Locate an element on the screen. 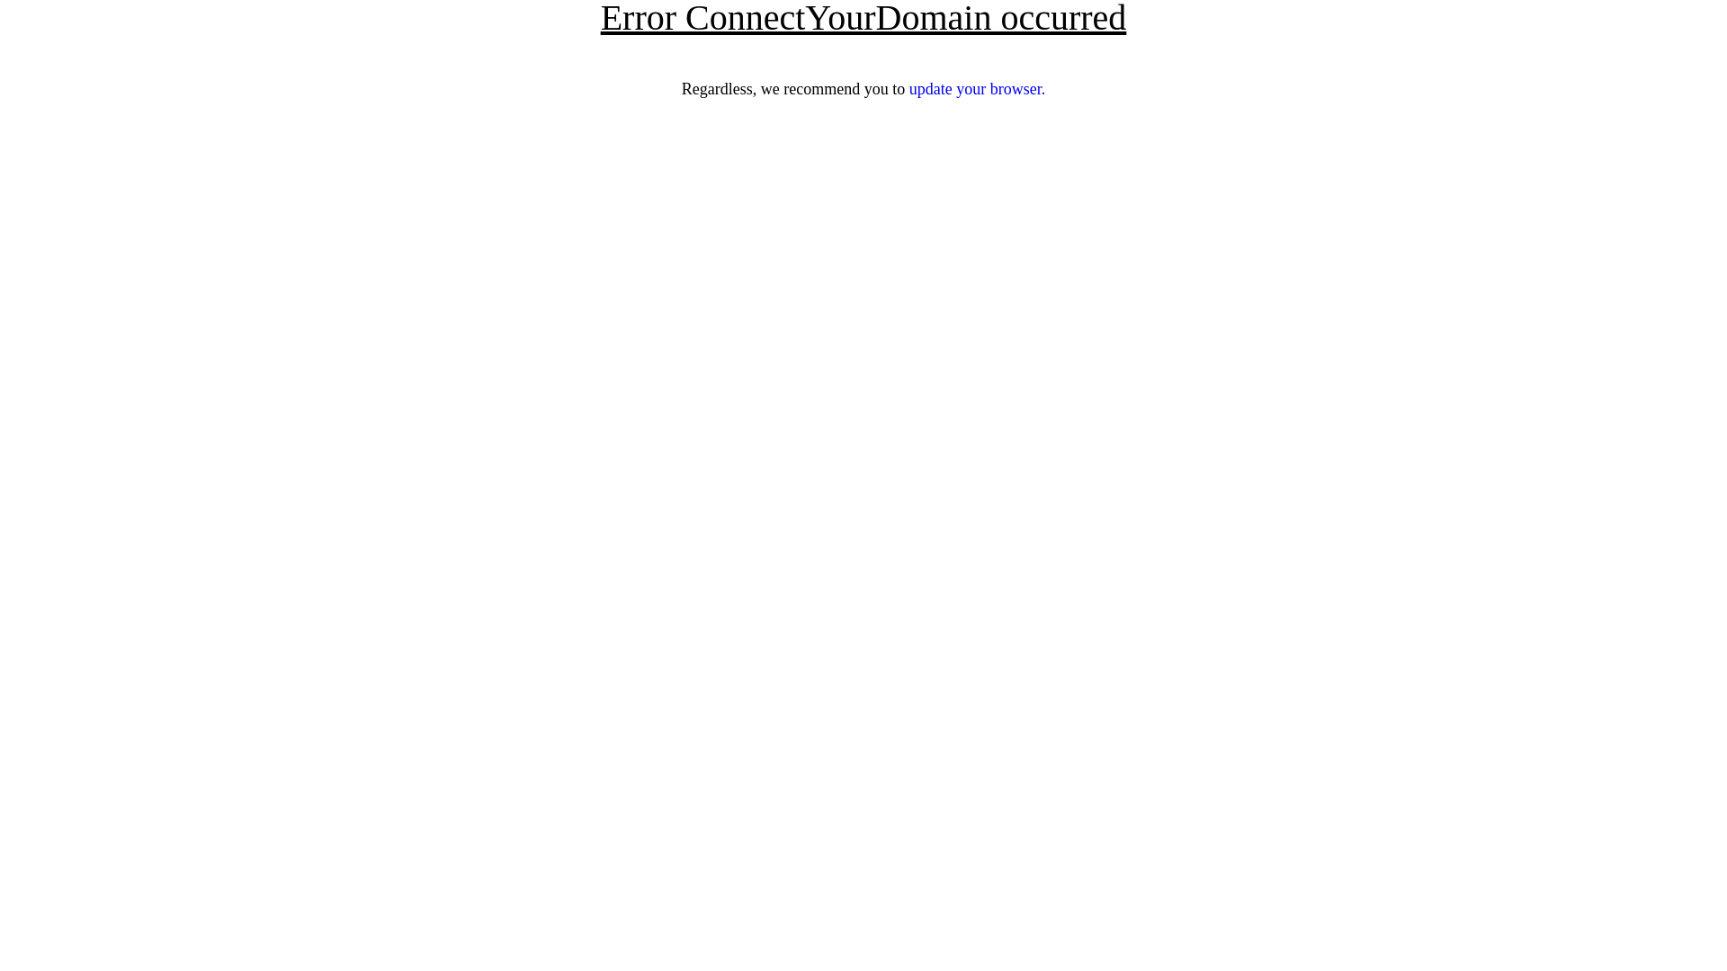  'update your browser.' is located at coordinates (976, 89).